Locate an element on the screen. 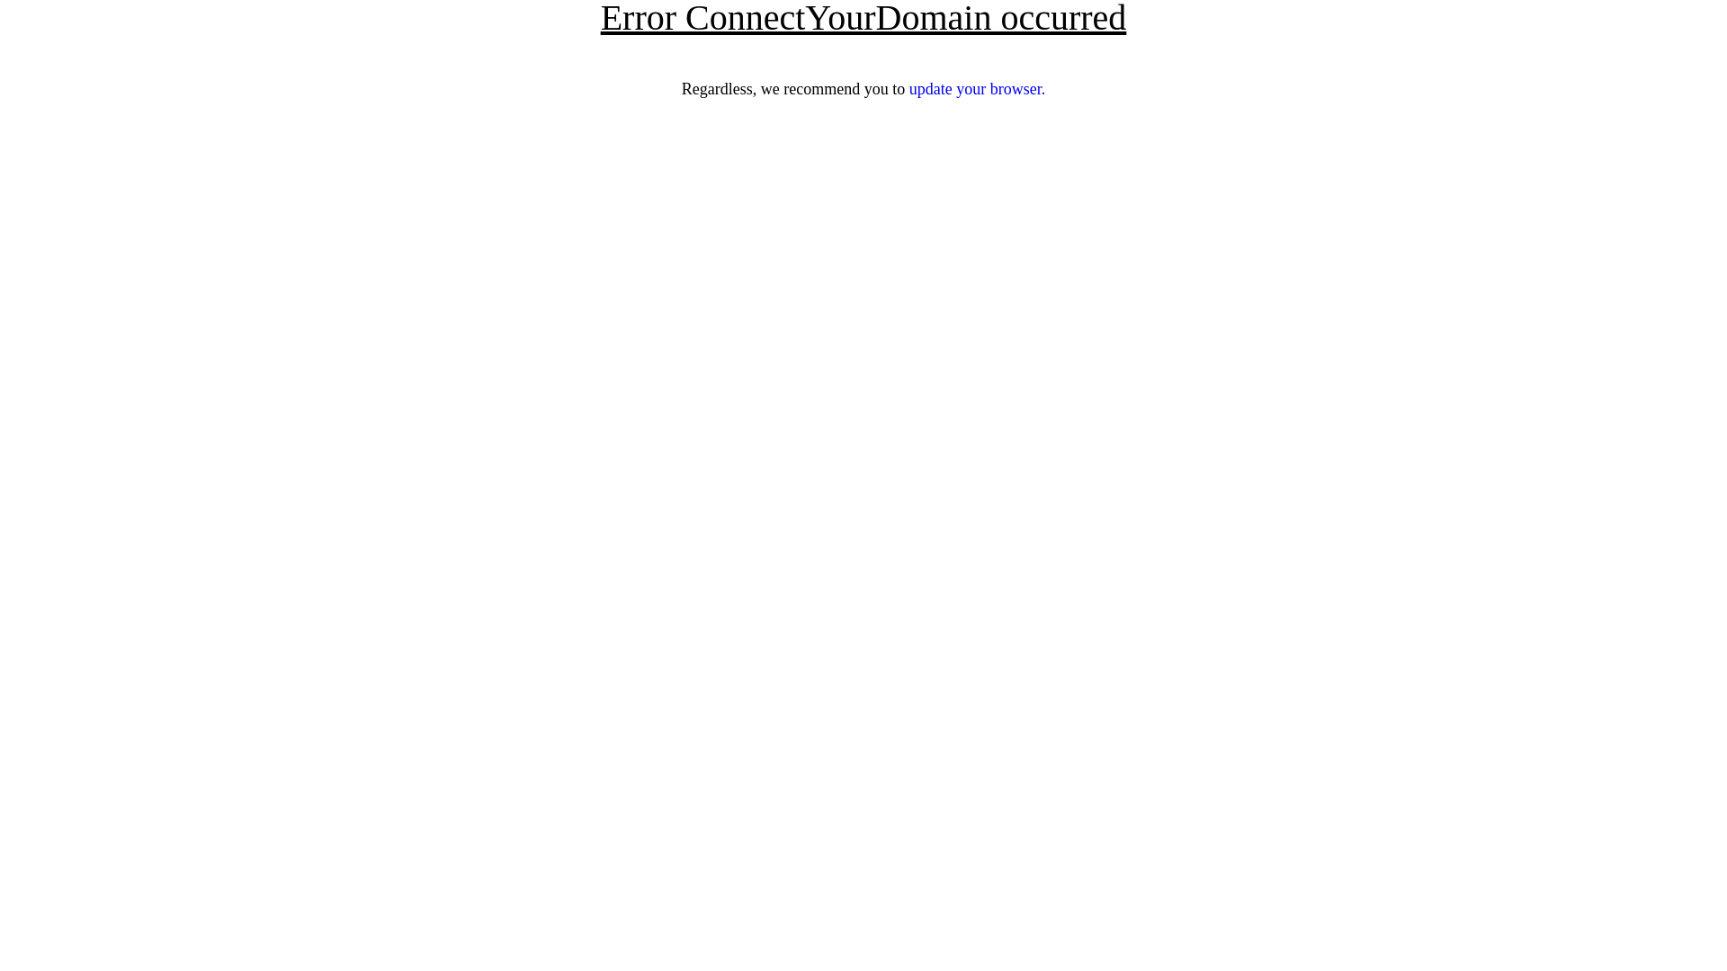  'update your browser.' is located at coordinates (976, 89).